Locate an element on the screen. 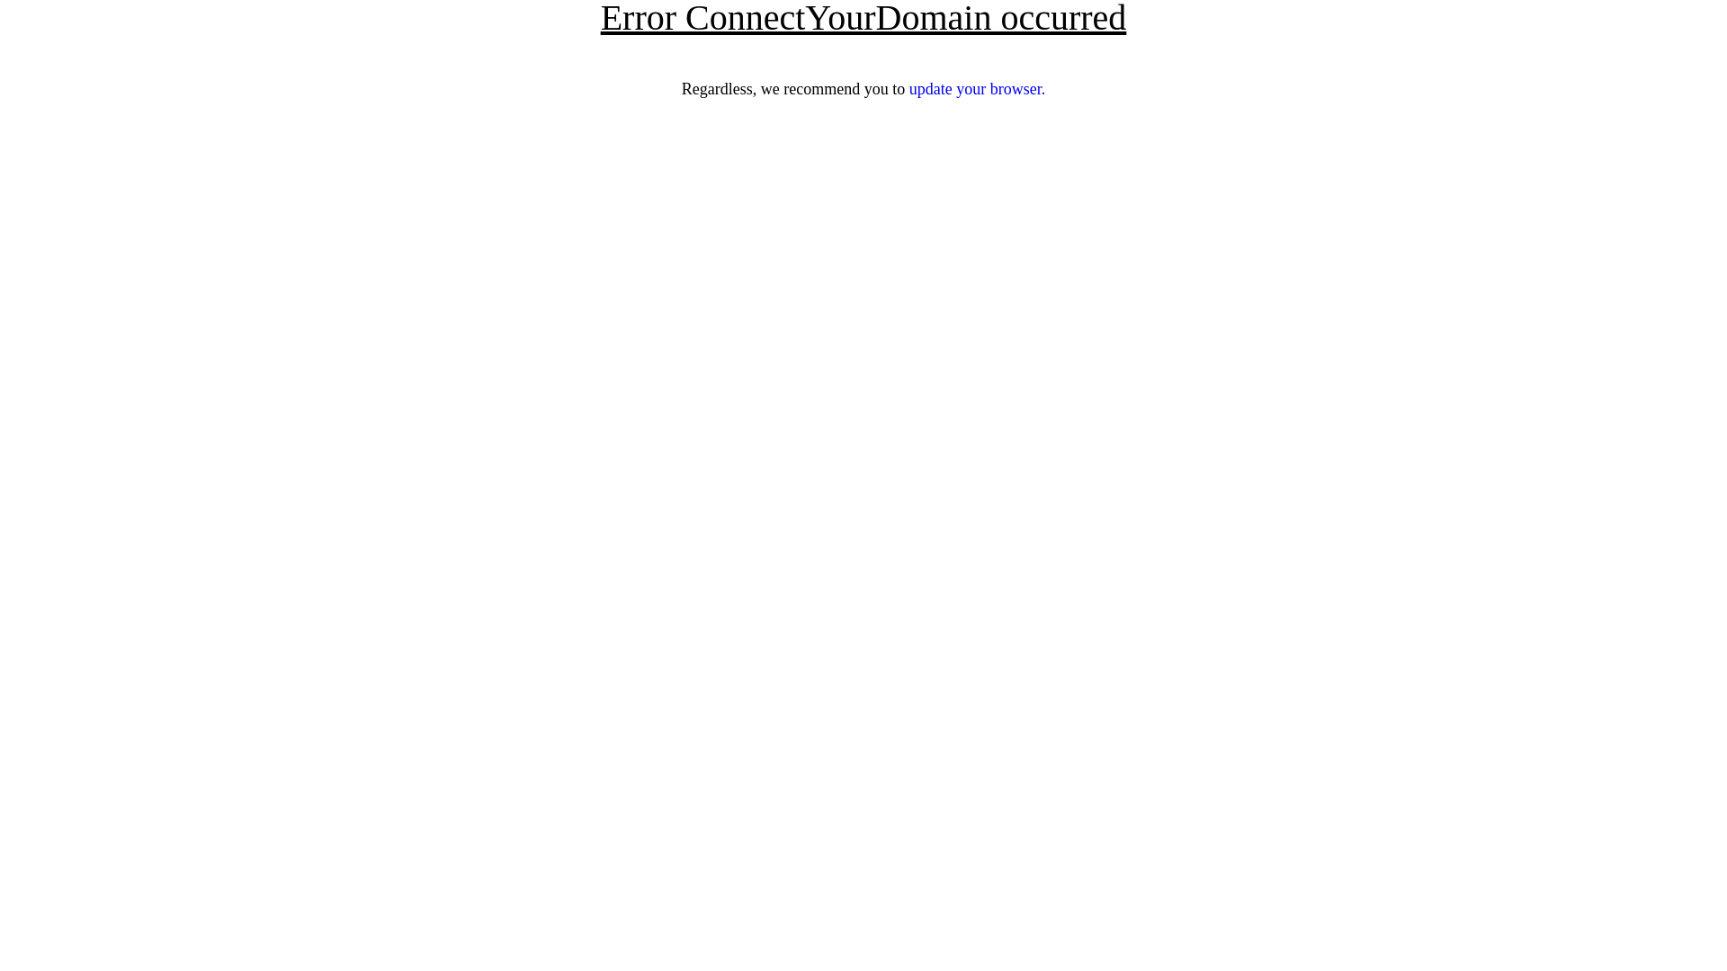  'update your browser.' is located at coordinates (976, 89).